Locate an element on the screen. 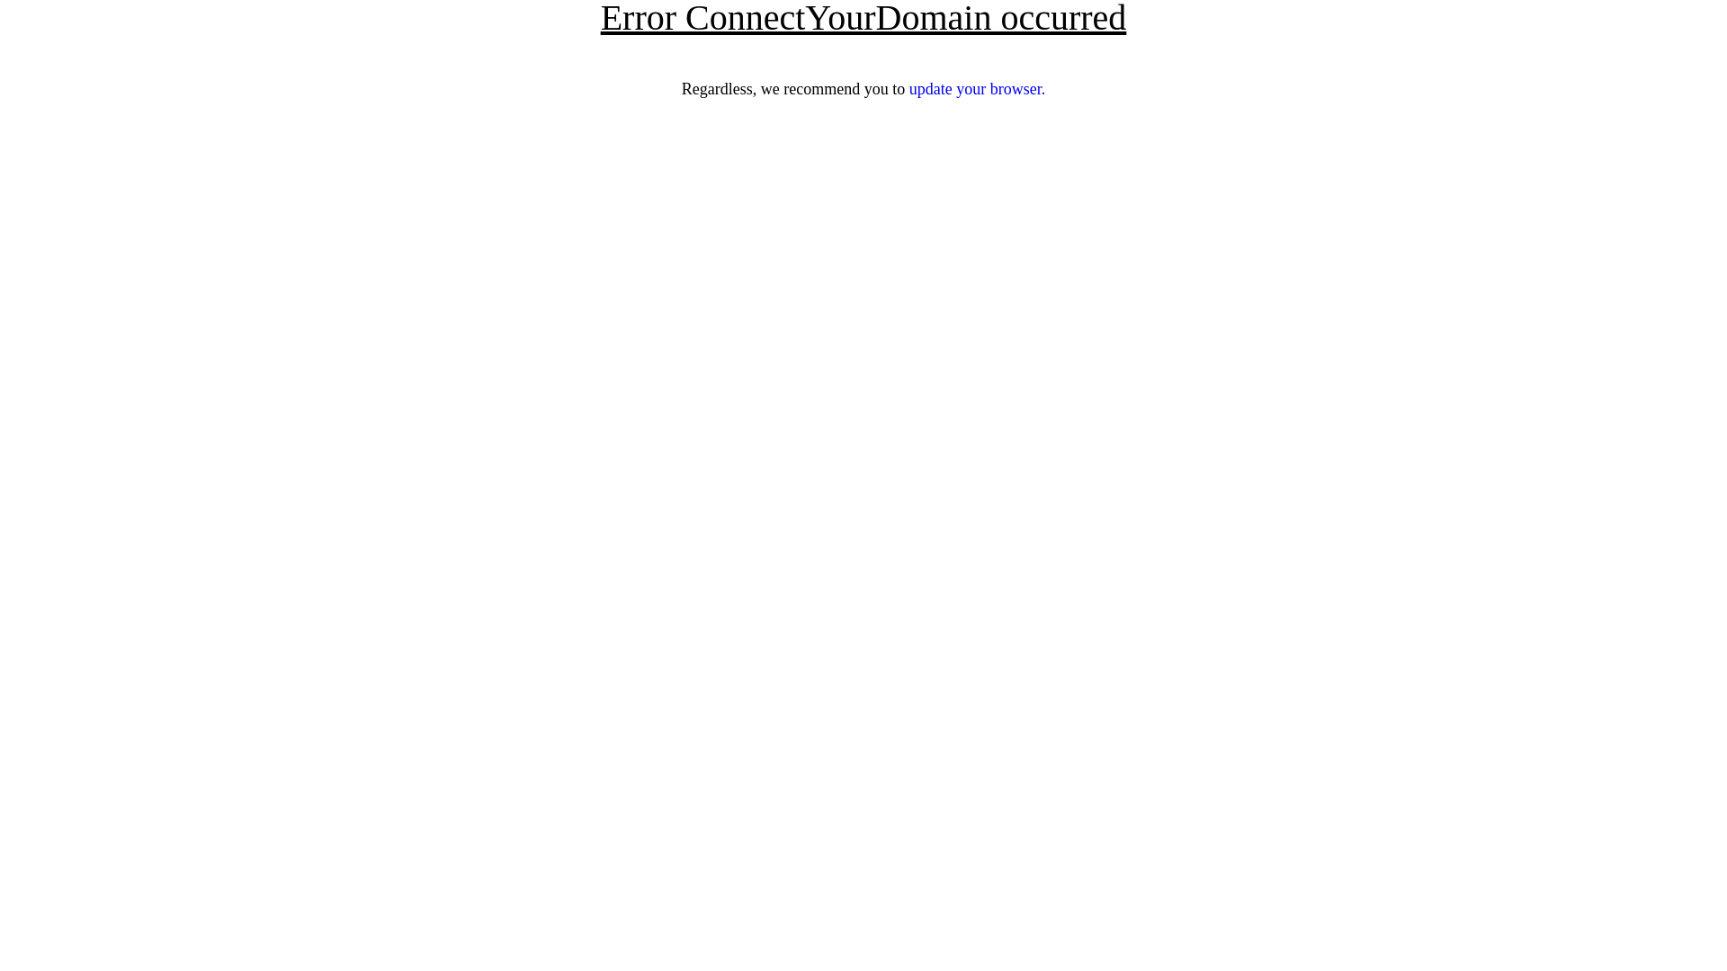  'update your browser.' is located at coordinates (976, 89).